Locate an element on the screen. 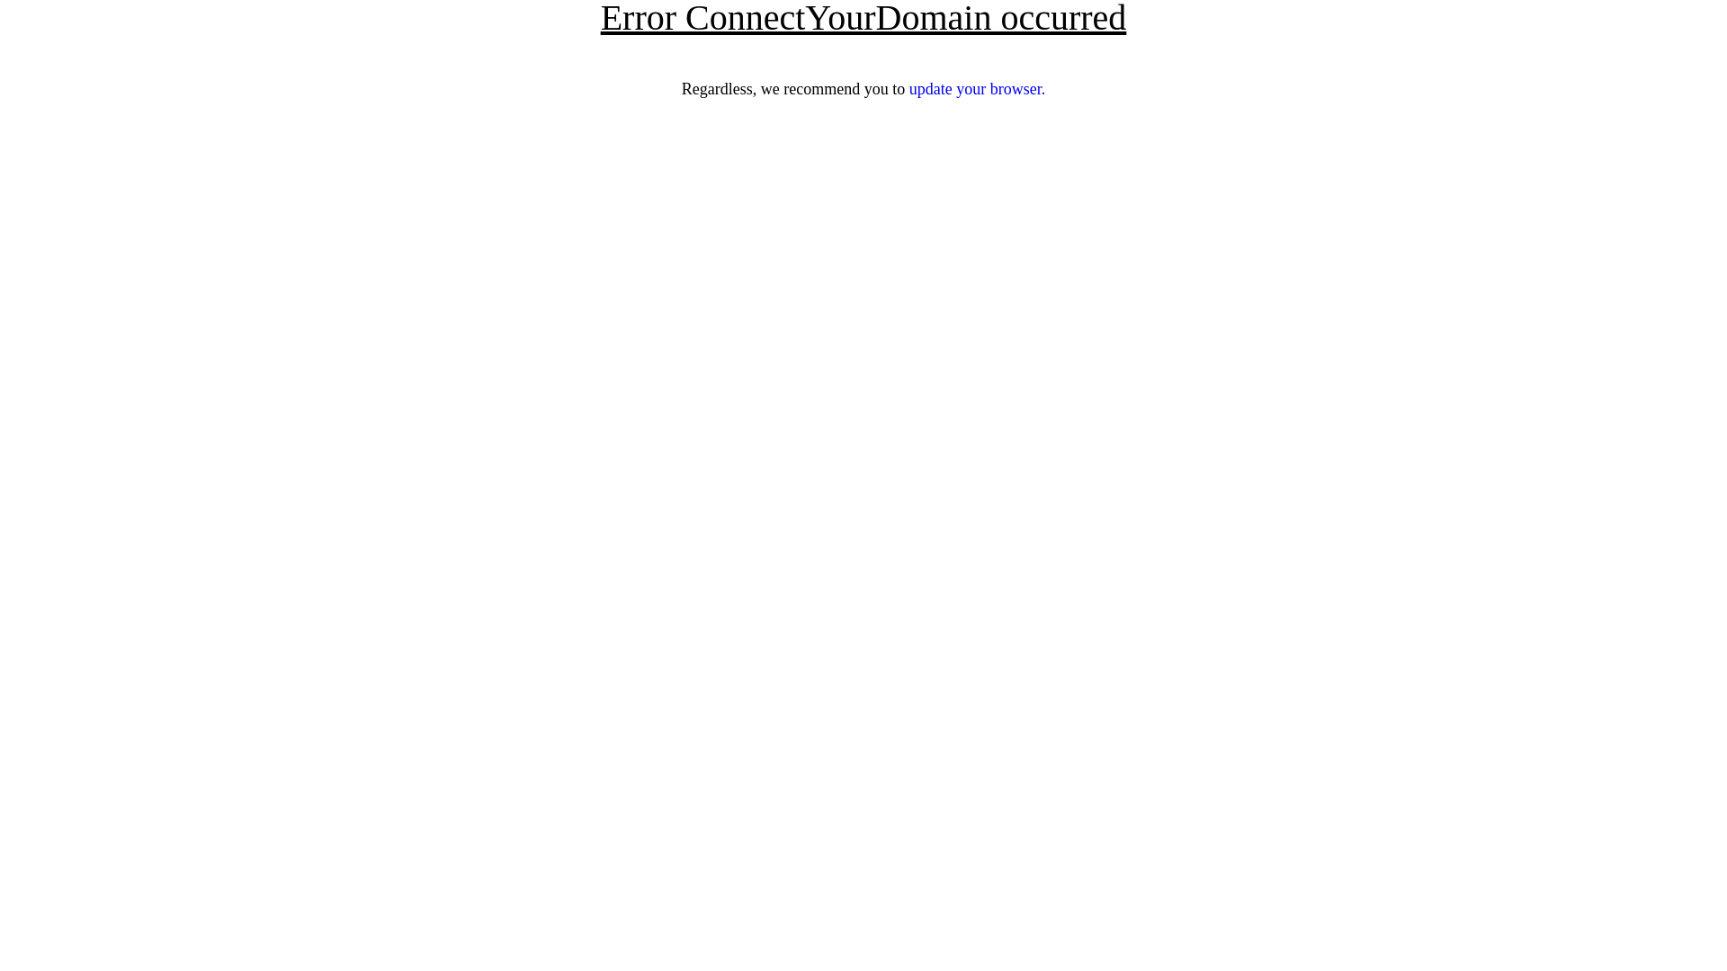  'update your browser.' is located at coordinates (976, 89).